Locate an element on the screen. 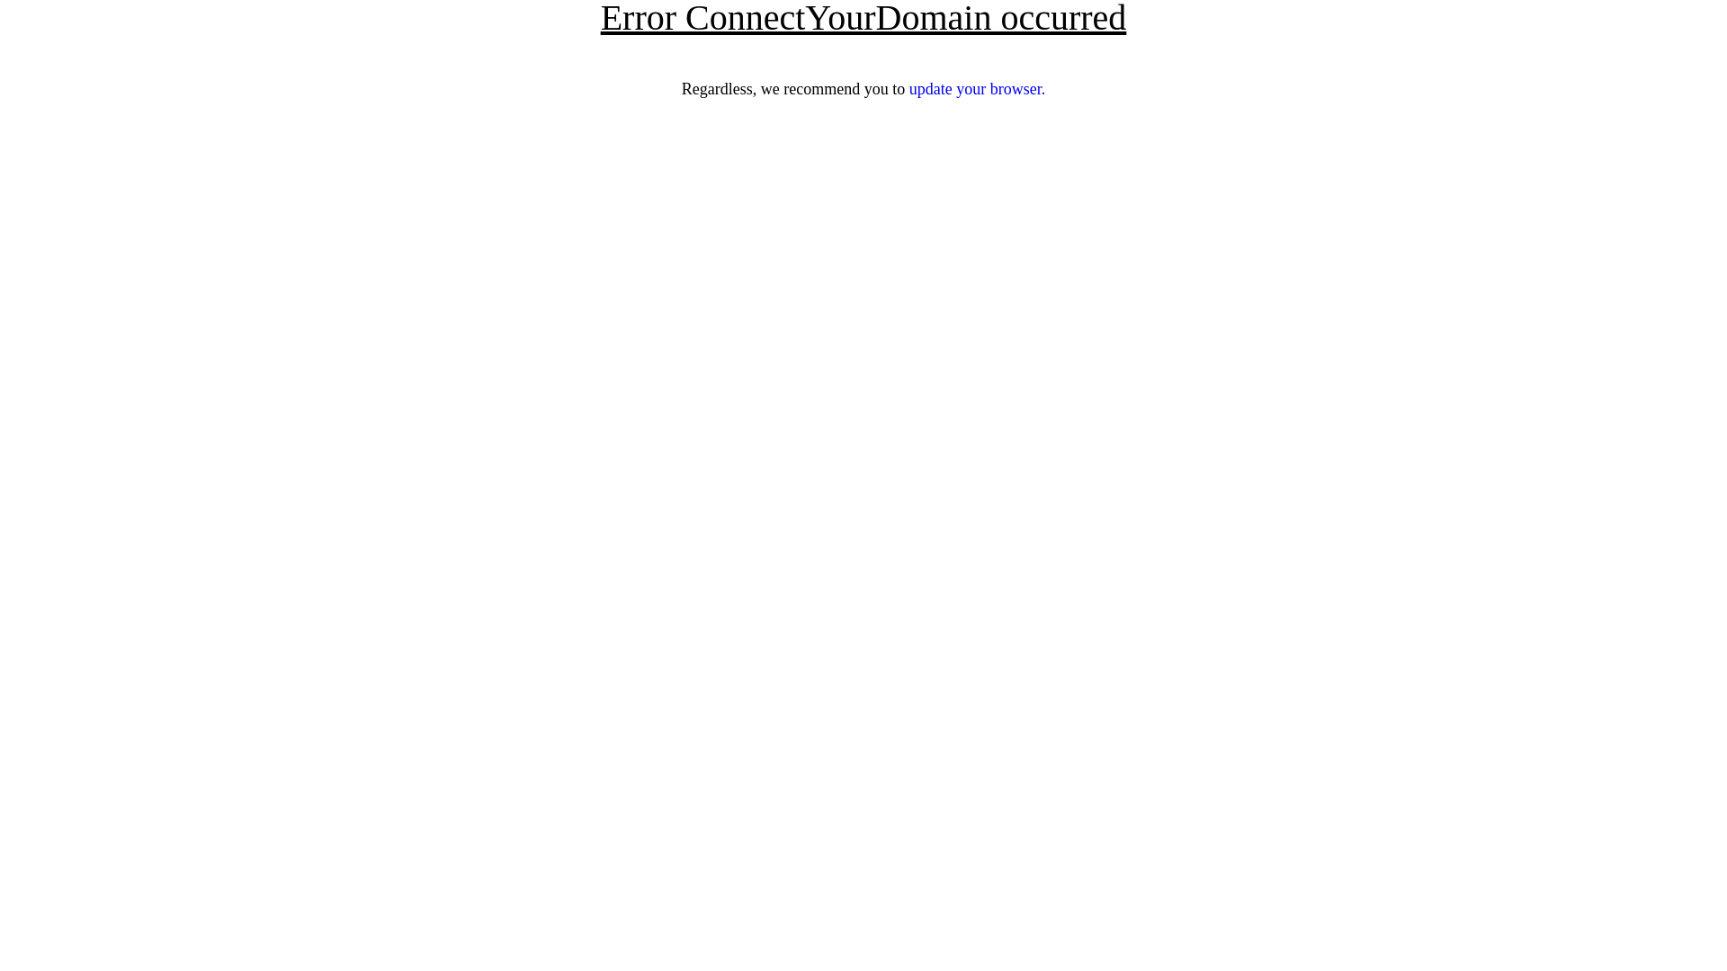  'update your browser.' is located at coordinates (976, 89).